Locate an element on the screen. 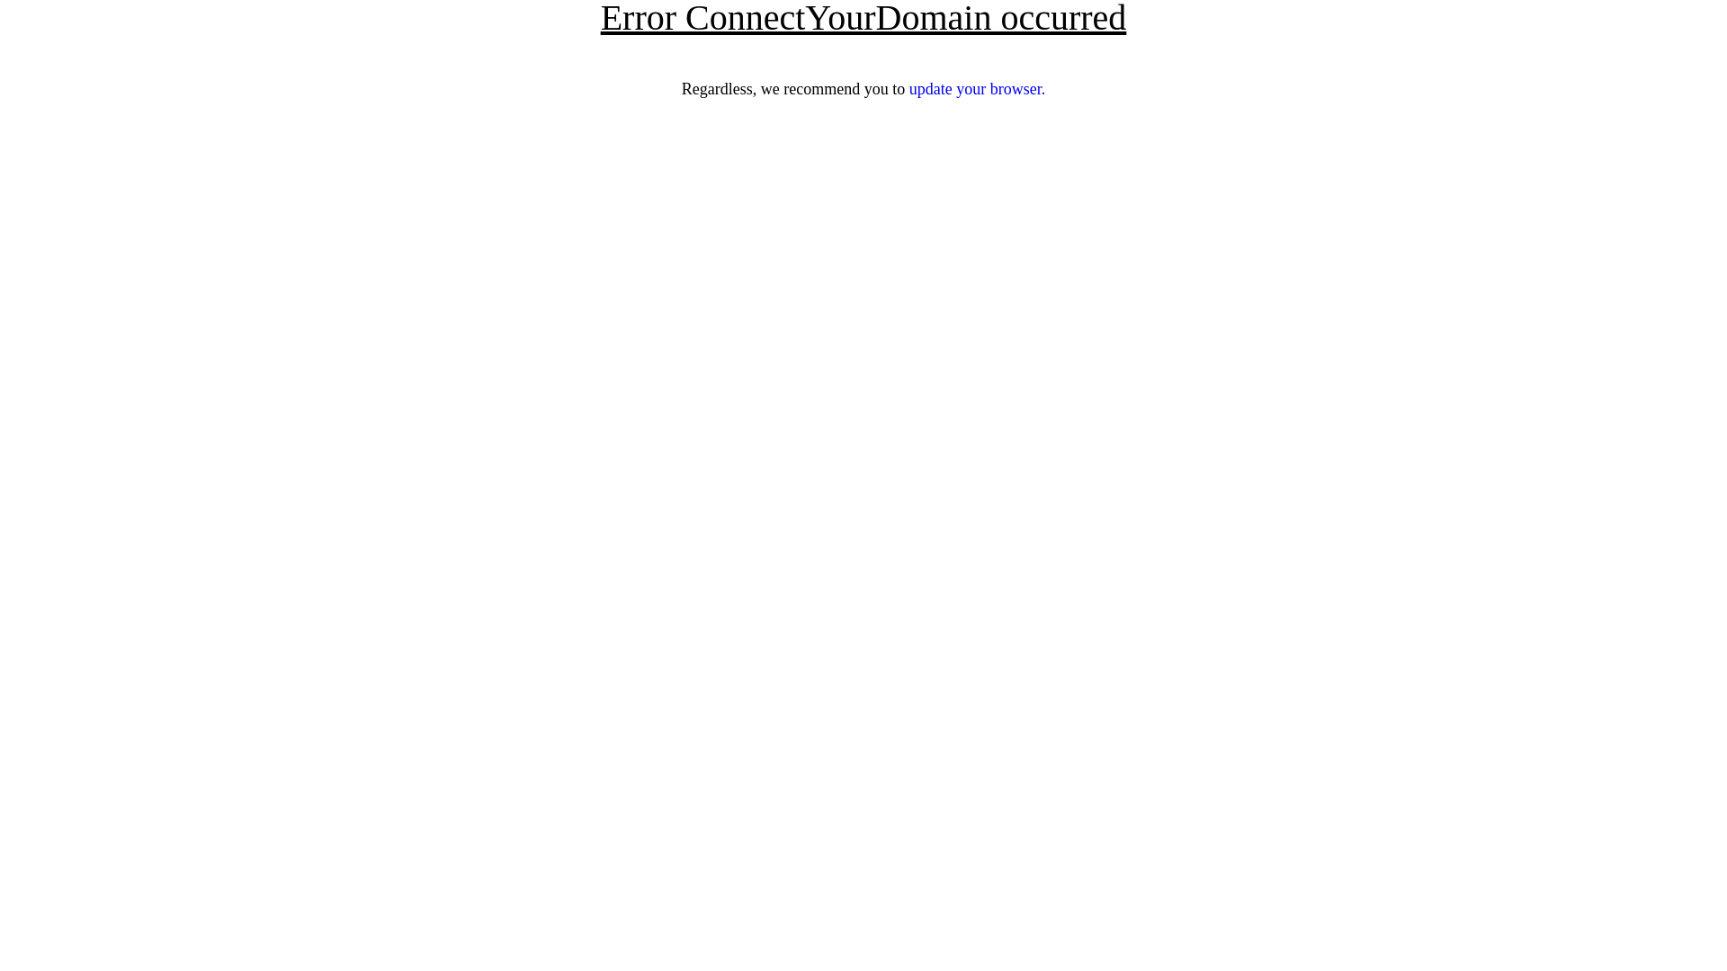  'update your browser.' is located at coordinates (976, 89).